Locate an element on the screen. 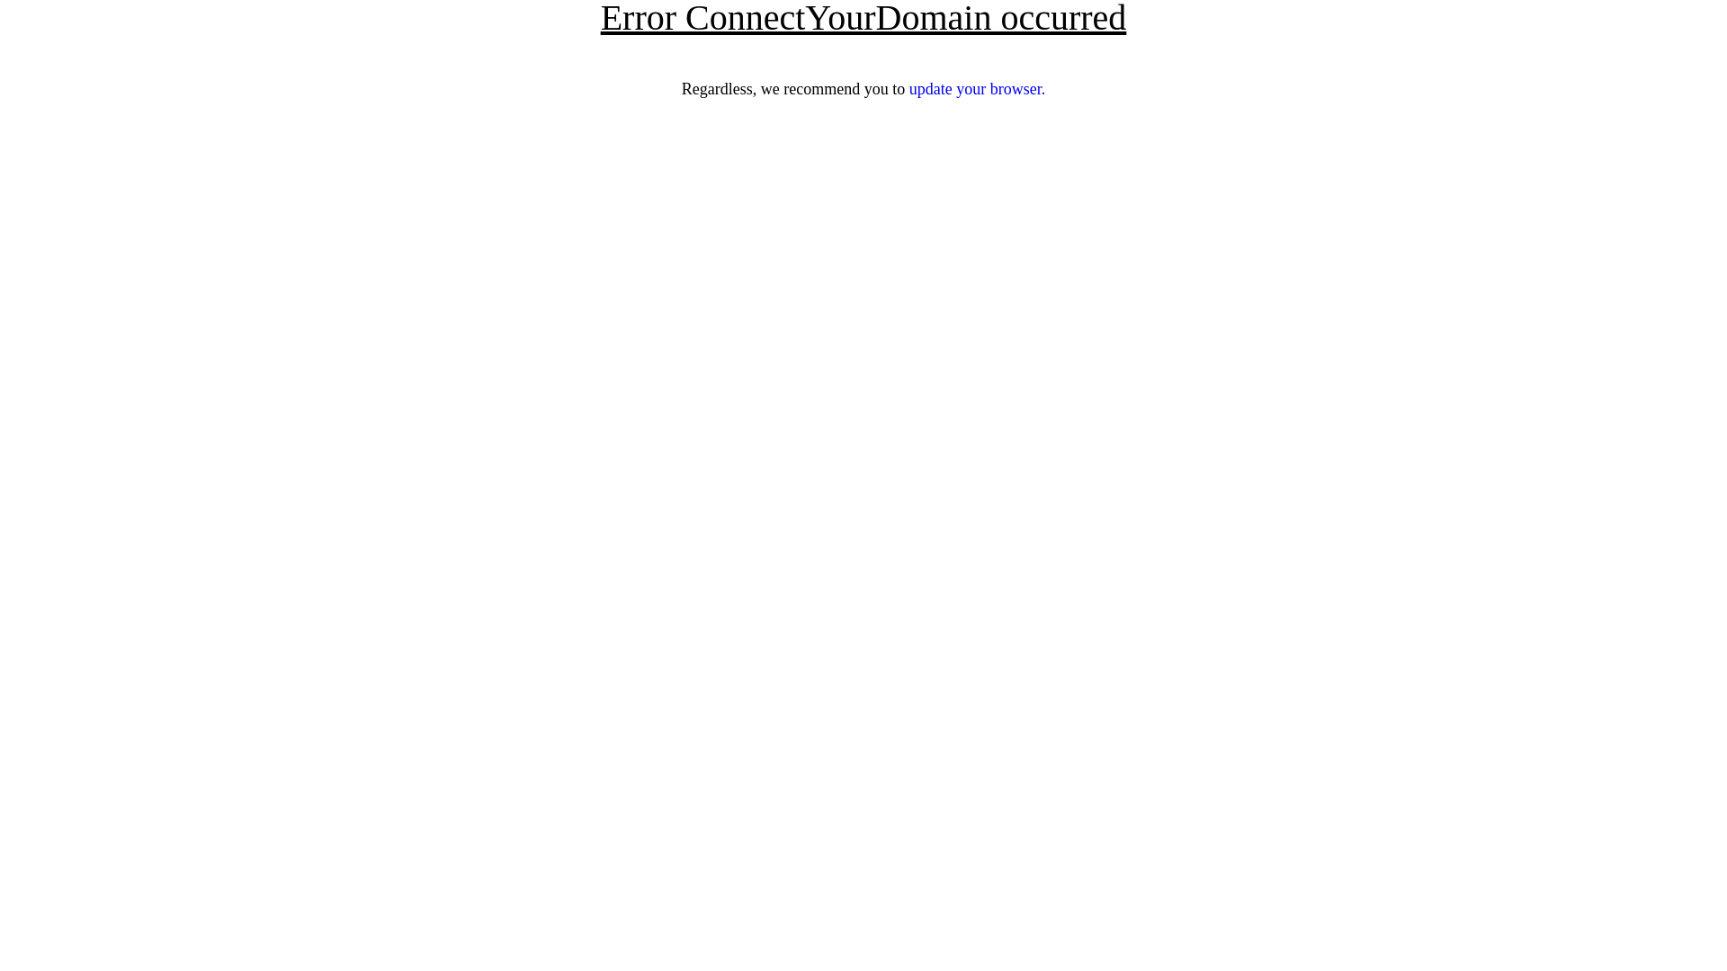  'update your browser.' is located at coordinates (976, 89).